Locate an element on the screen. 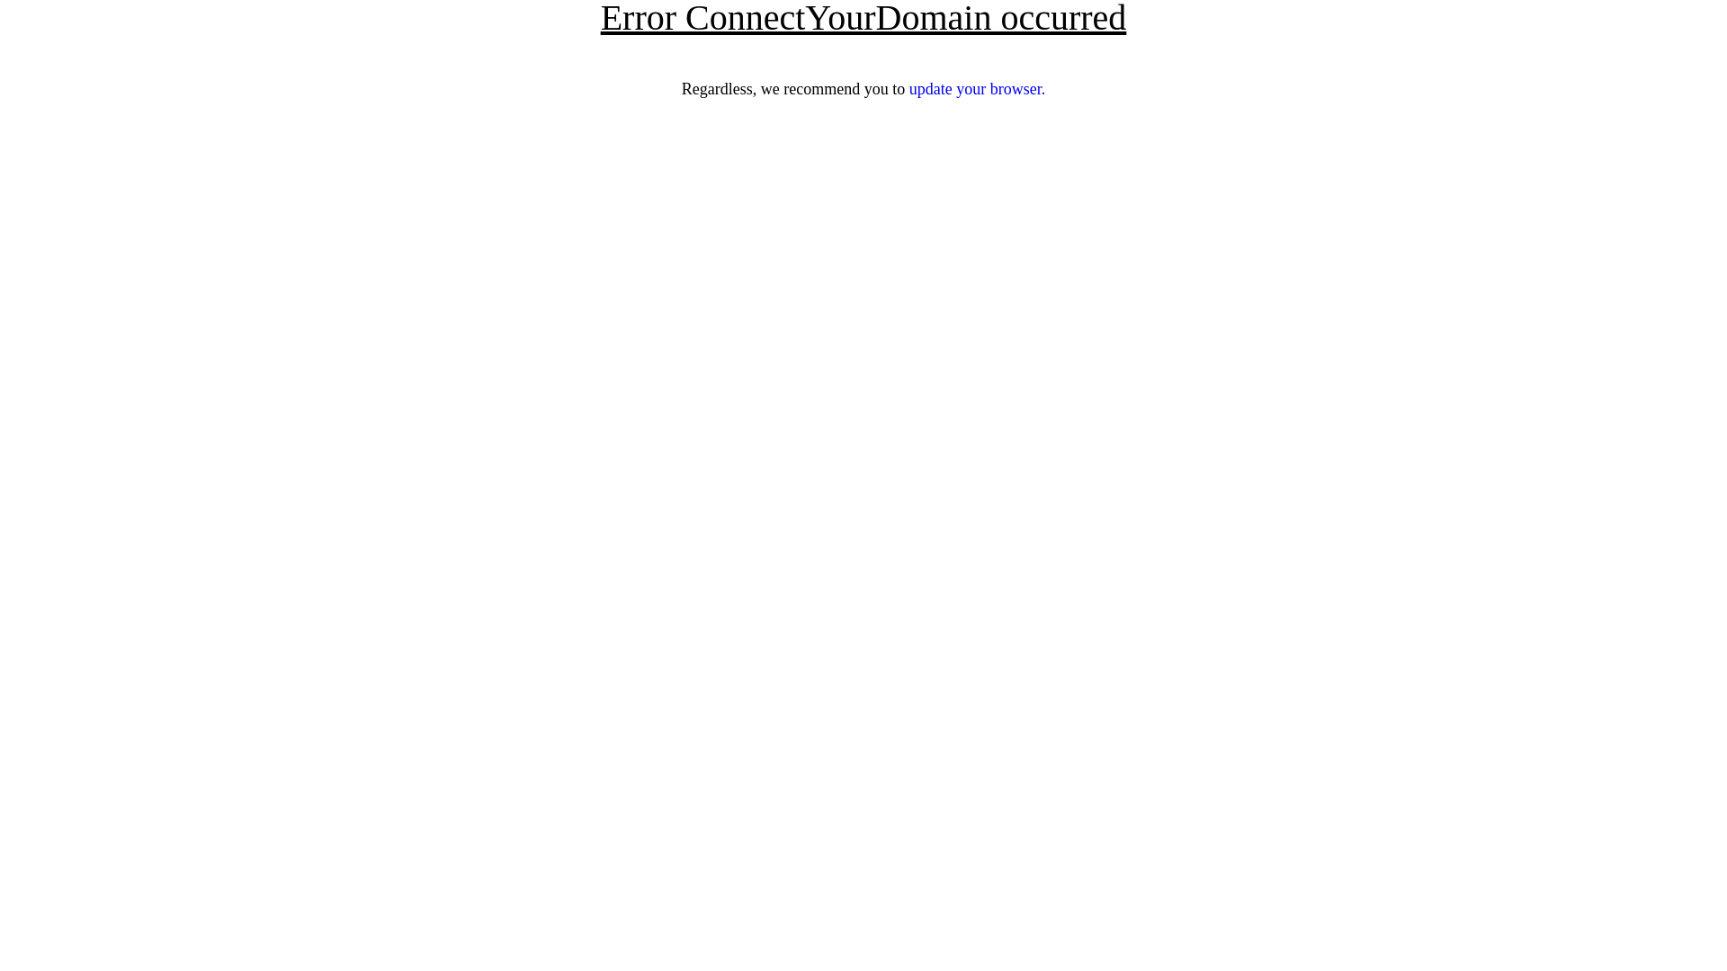  'update your browser.' is located at coordinates (976, 89).